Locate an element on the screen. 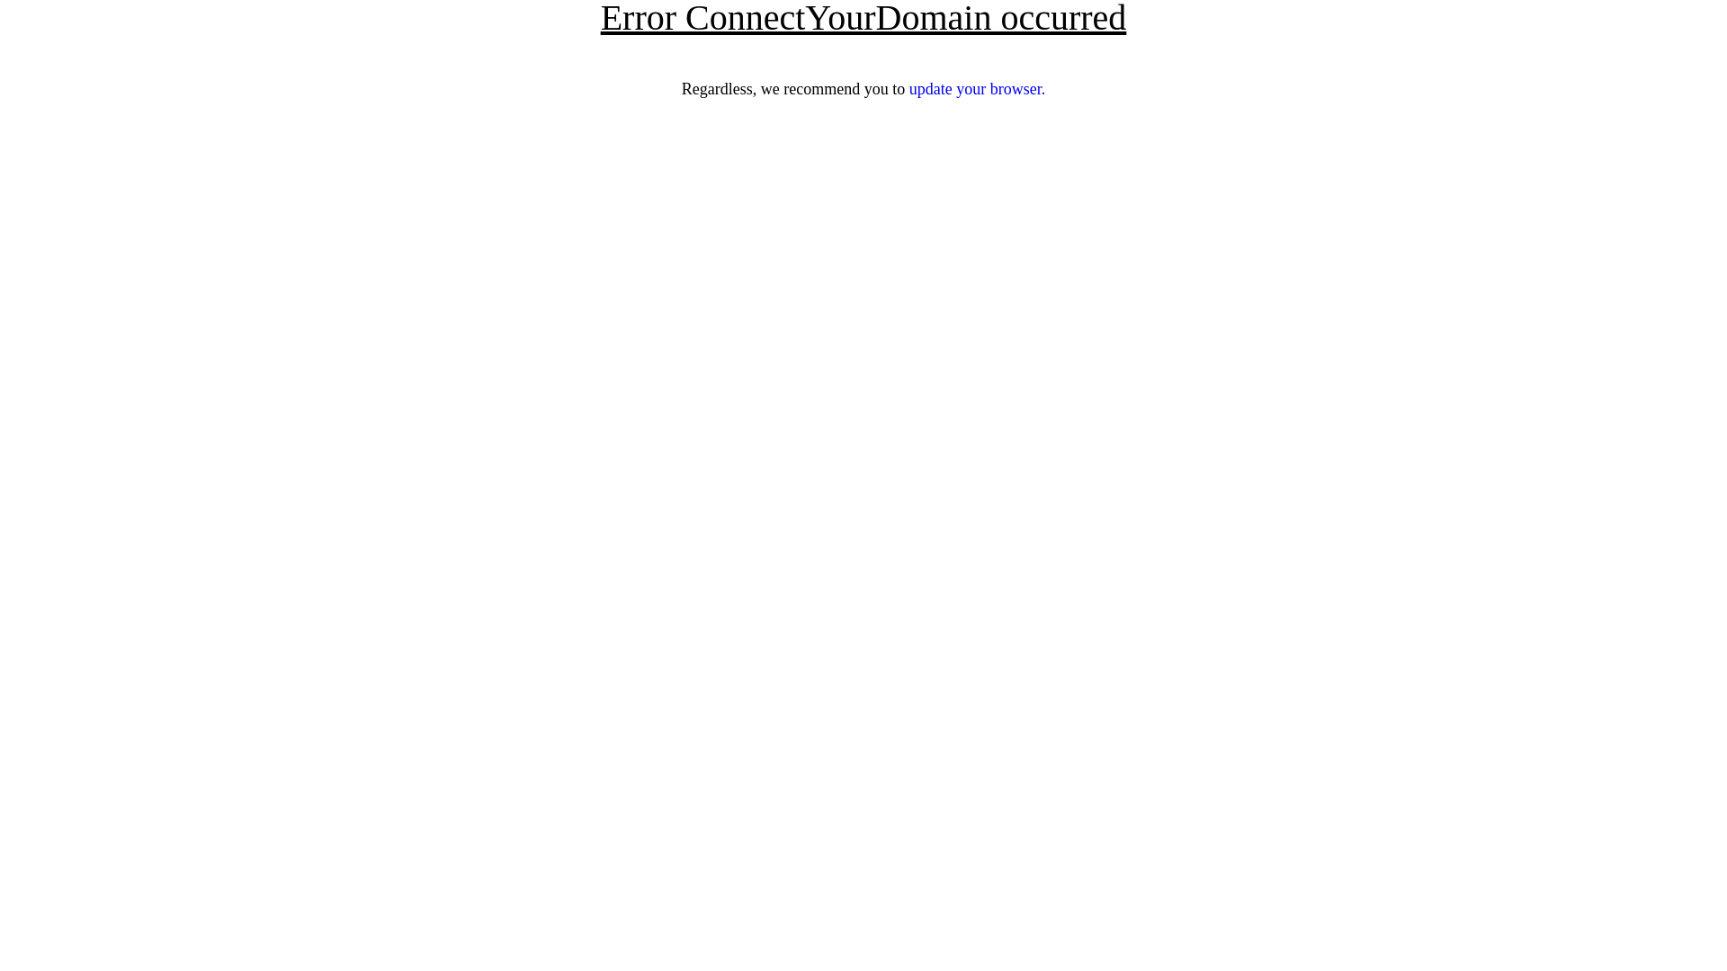  'update your browser.' is located at coordinates (976, 89).